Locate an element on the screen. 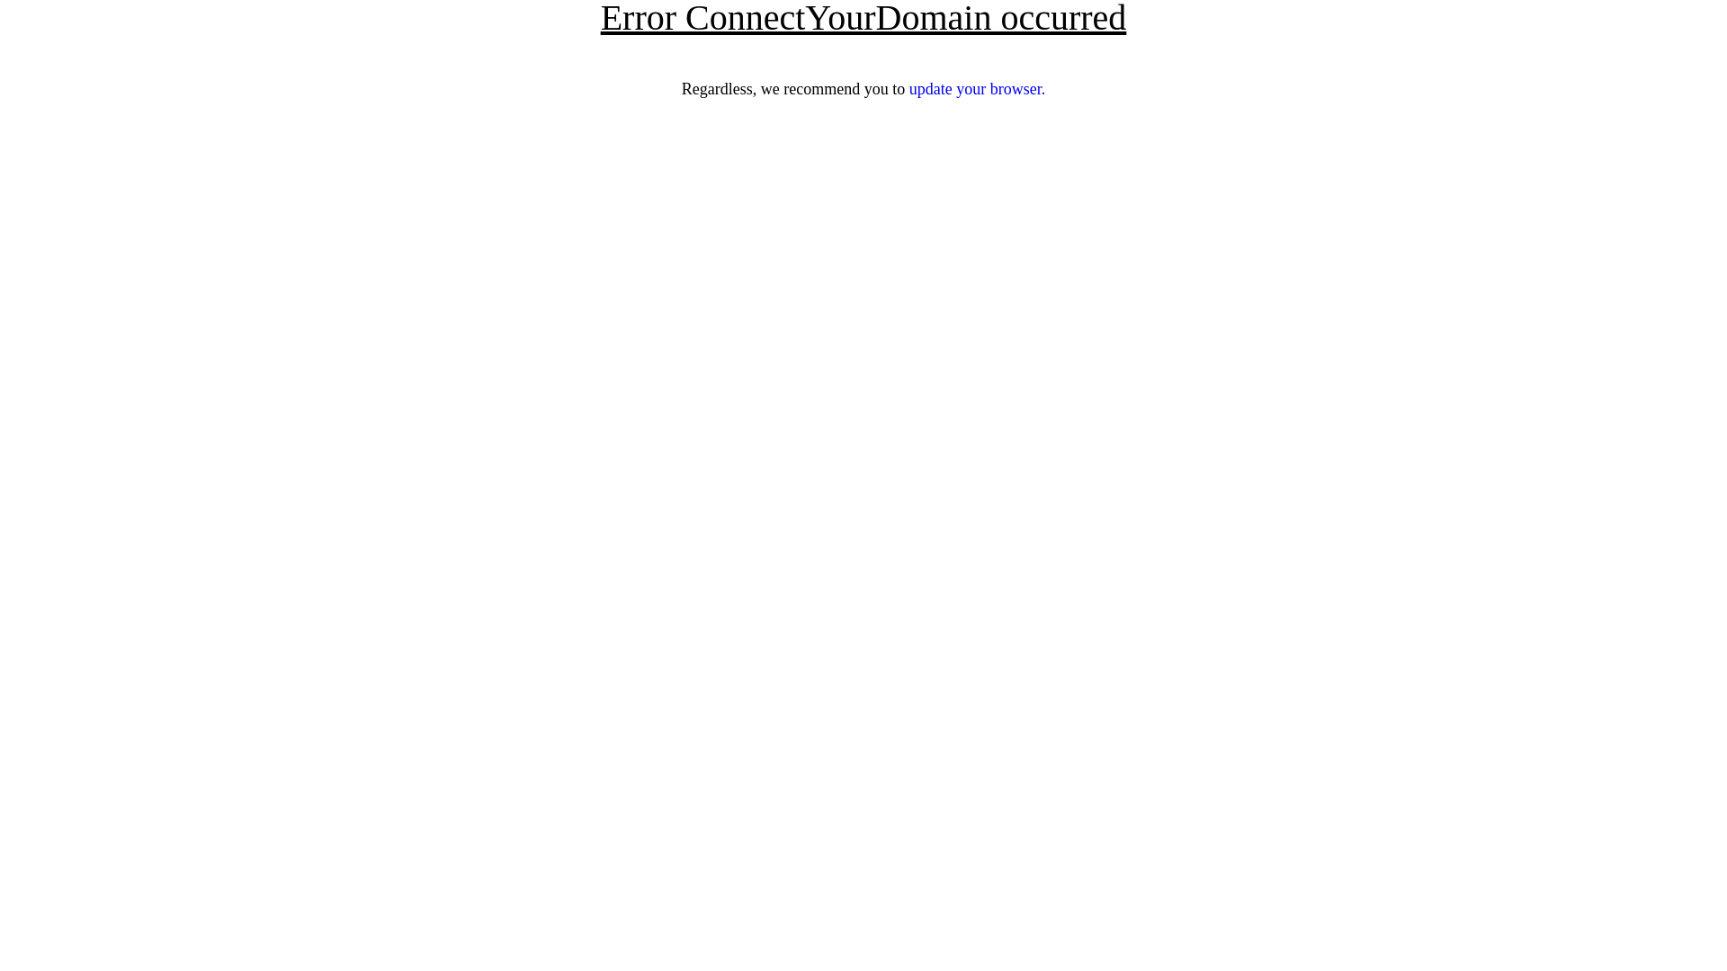  'update your browser.' is located at coordinates (976, 89).